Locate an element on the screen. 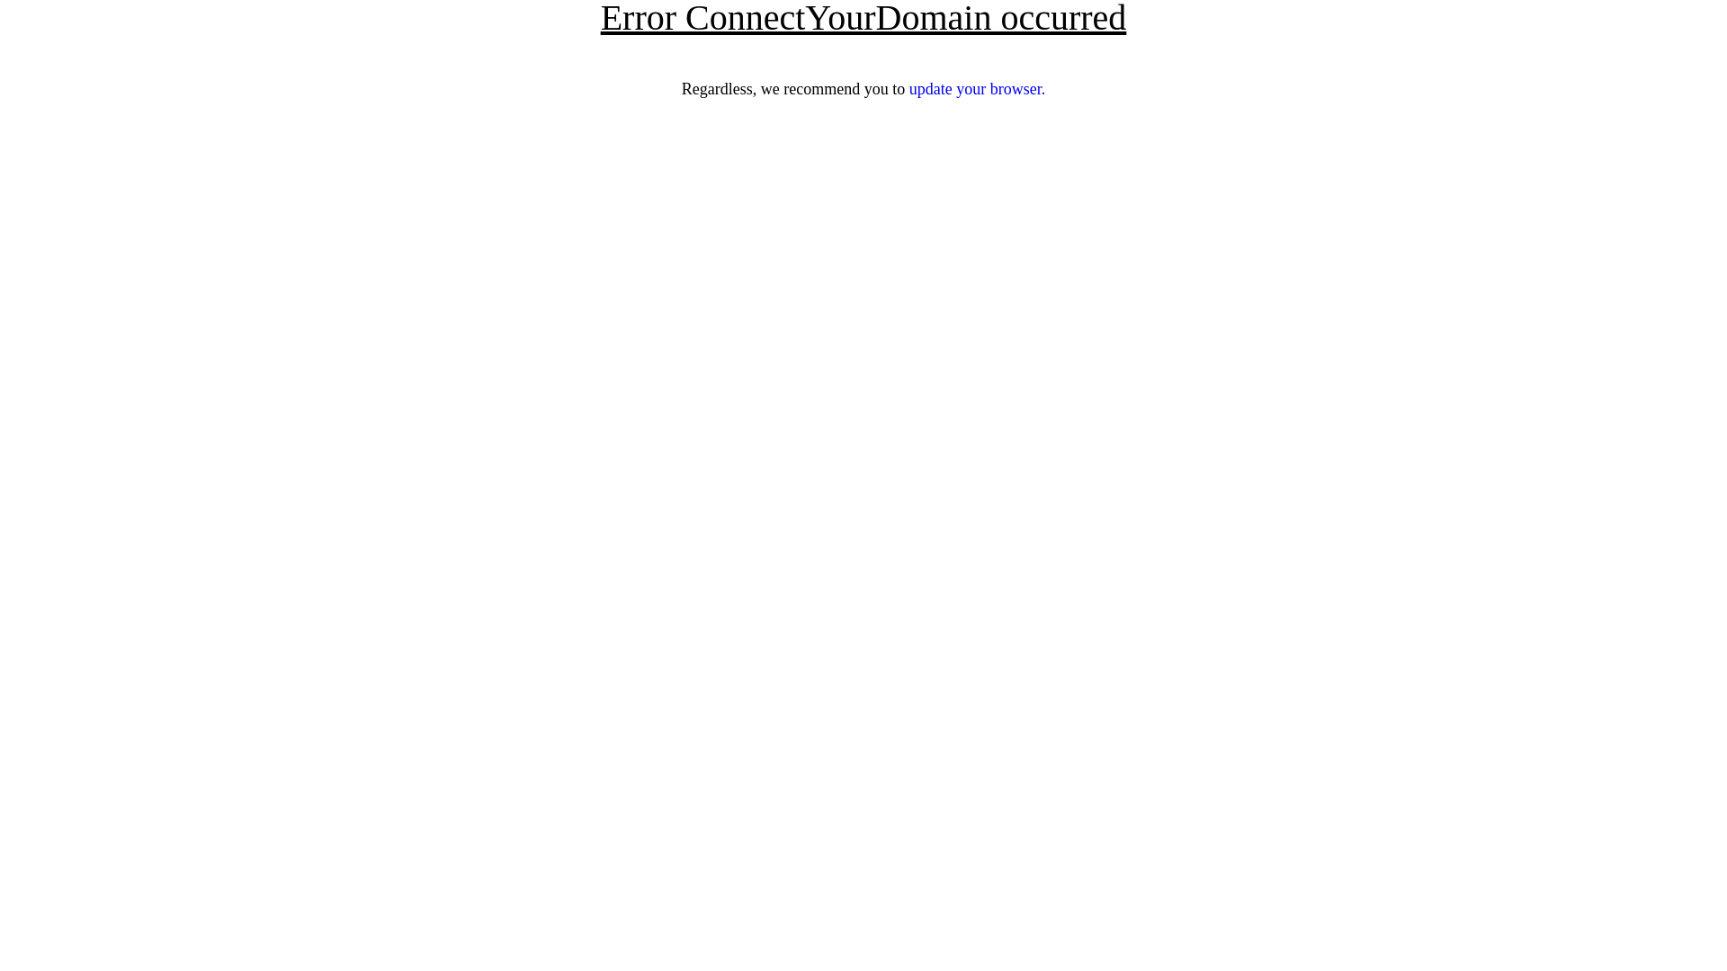  'update your browser.' is located at coordinates (976, 89).